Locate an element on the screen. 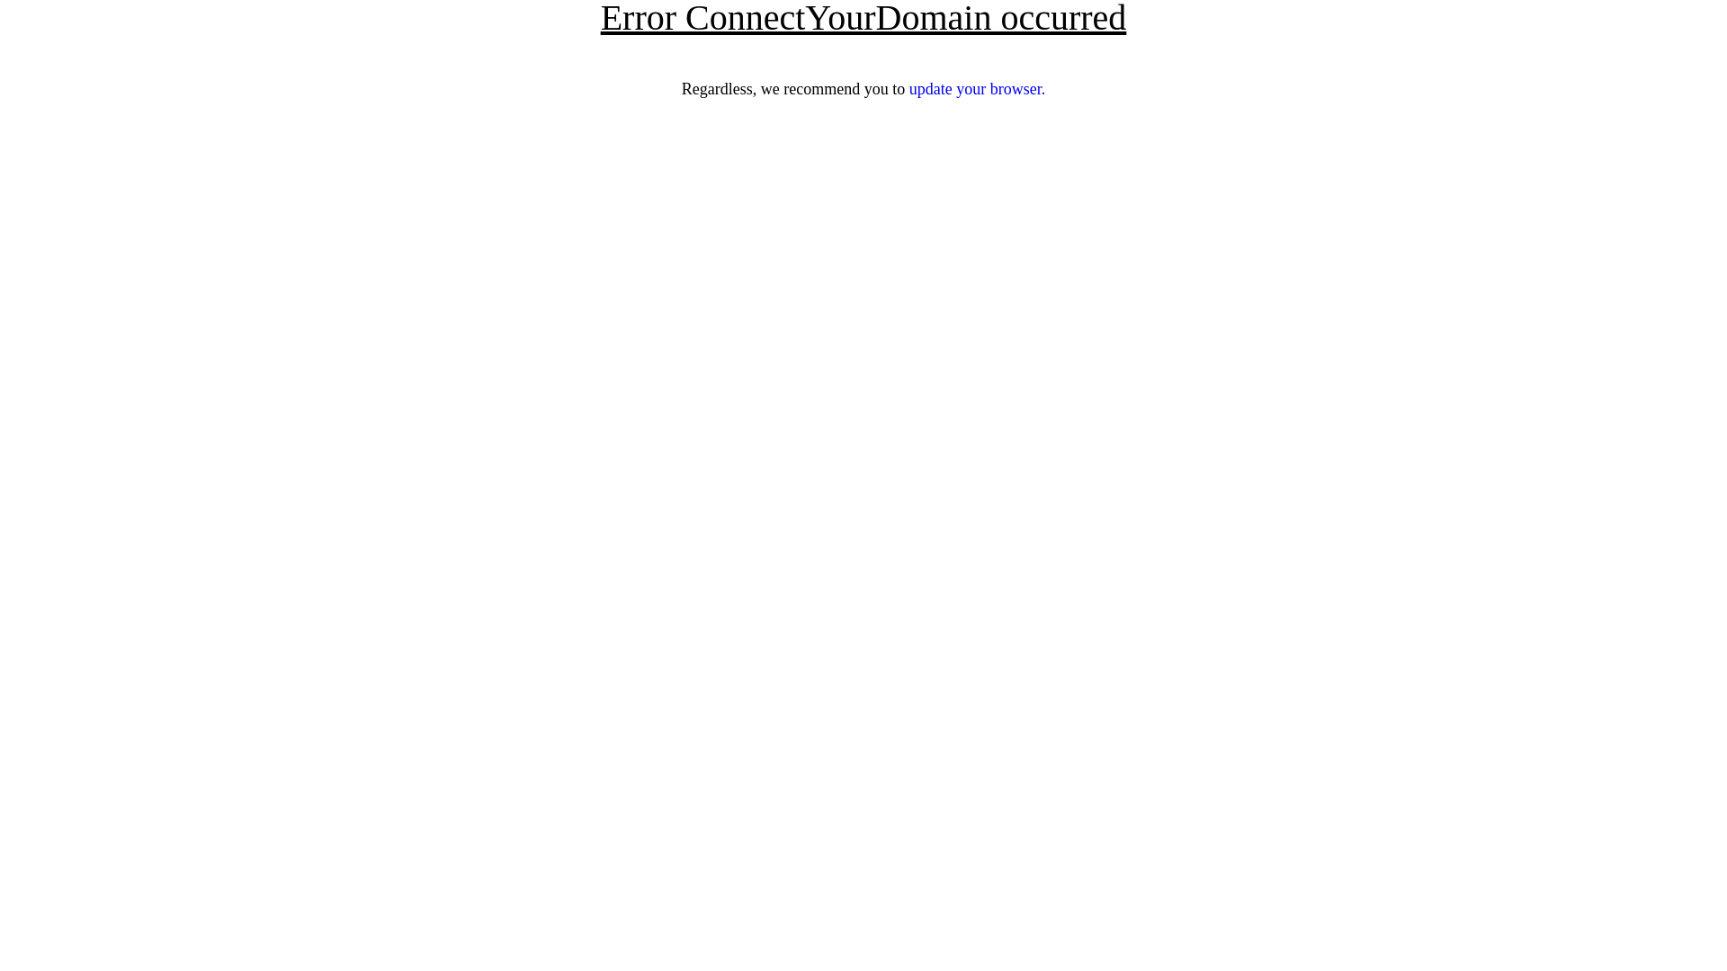  'update your browser.' is located at coordinates (976, 89).